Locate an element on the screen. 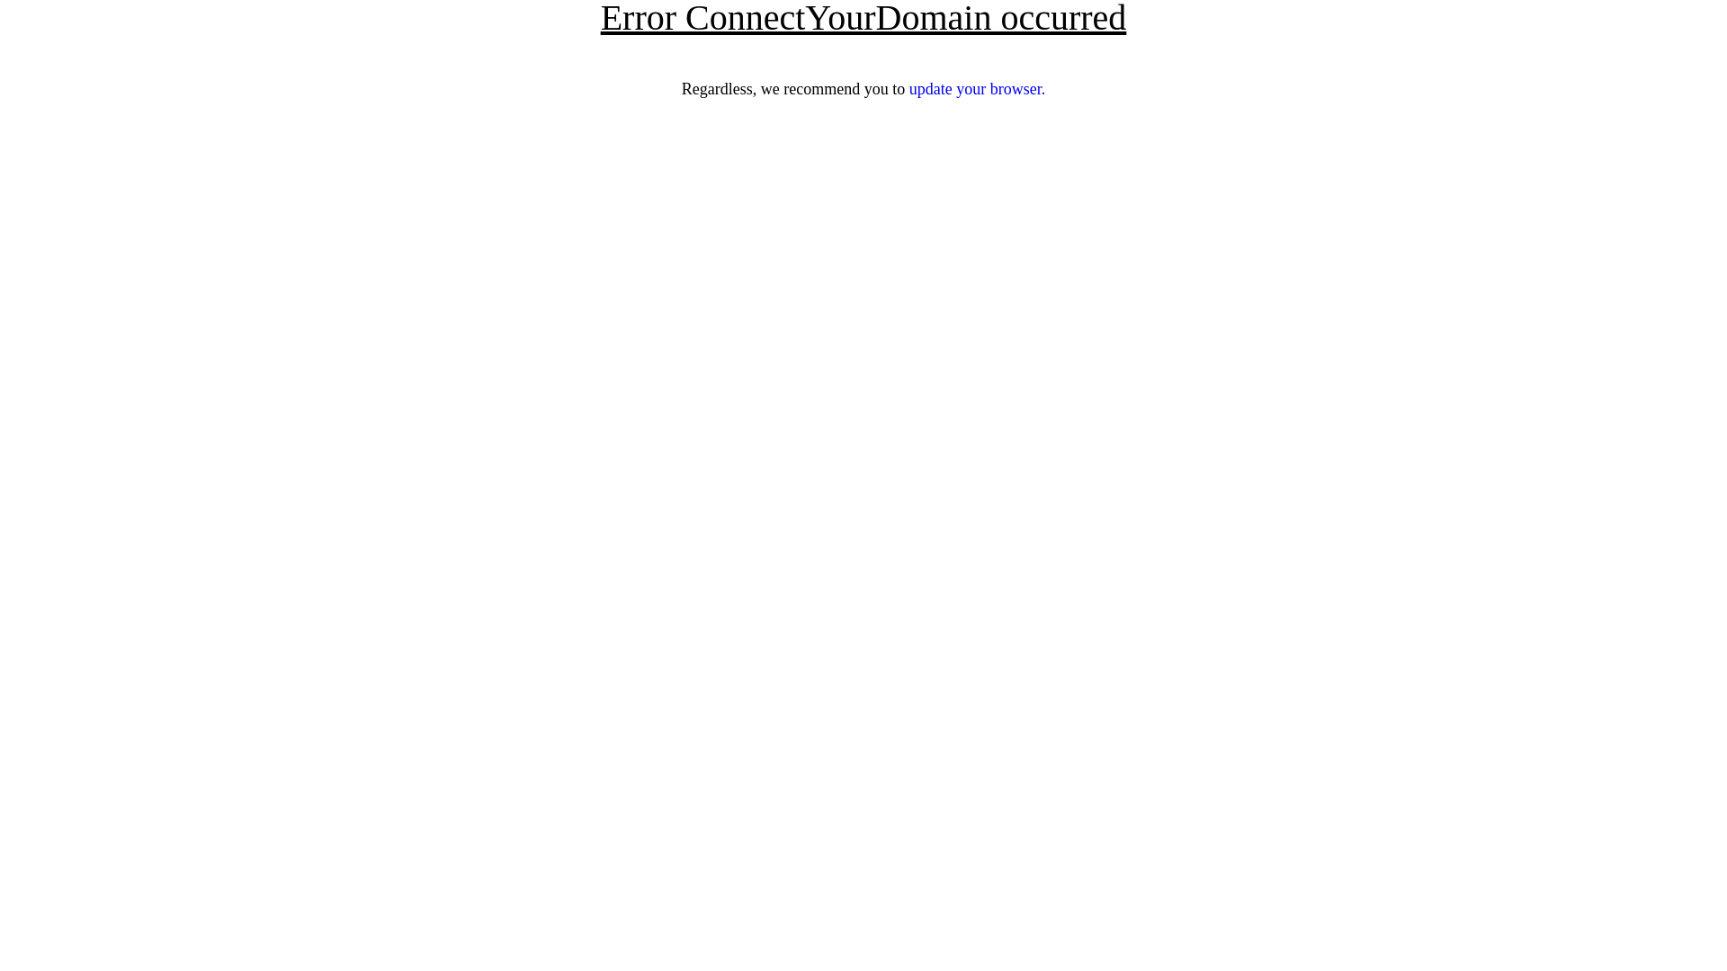  'update your browser.' is located at coordinates (976, 89).